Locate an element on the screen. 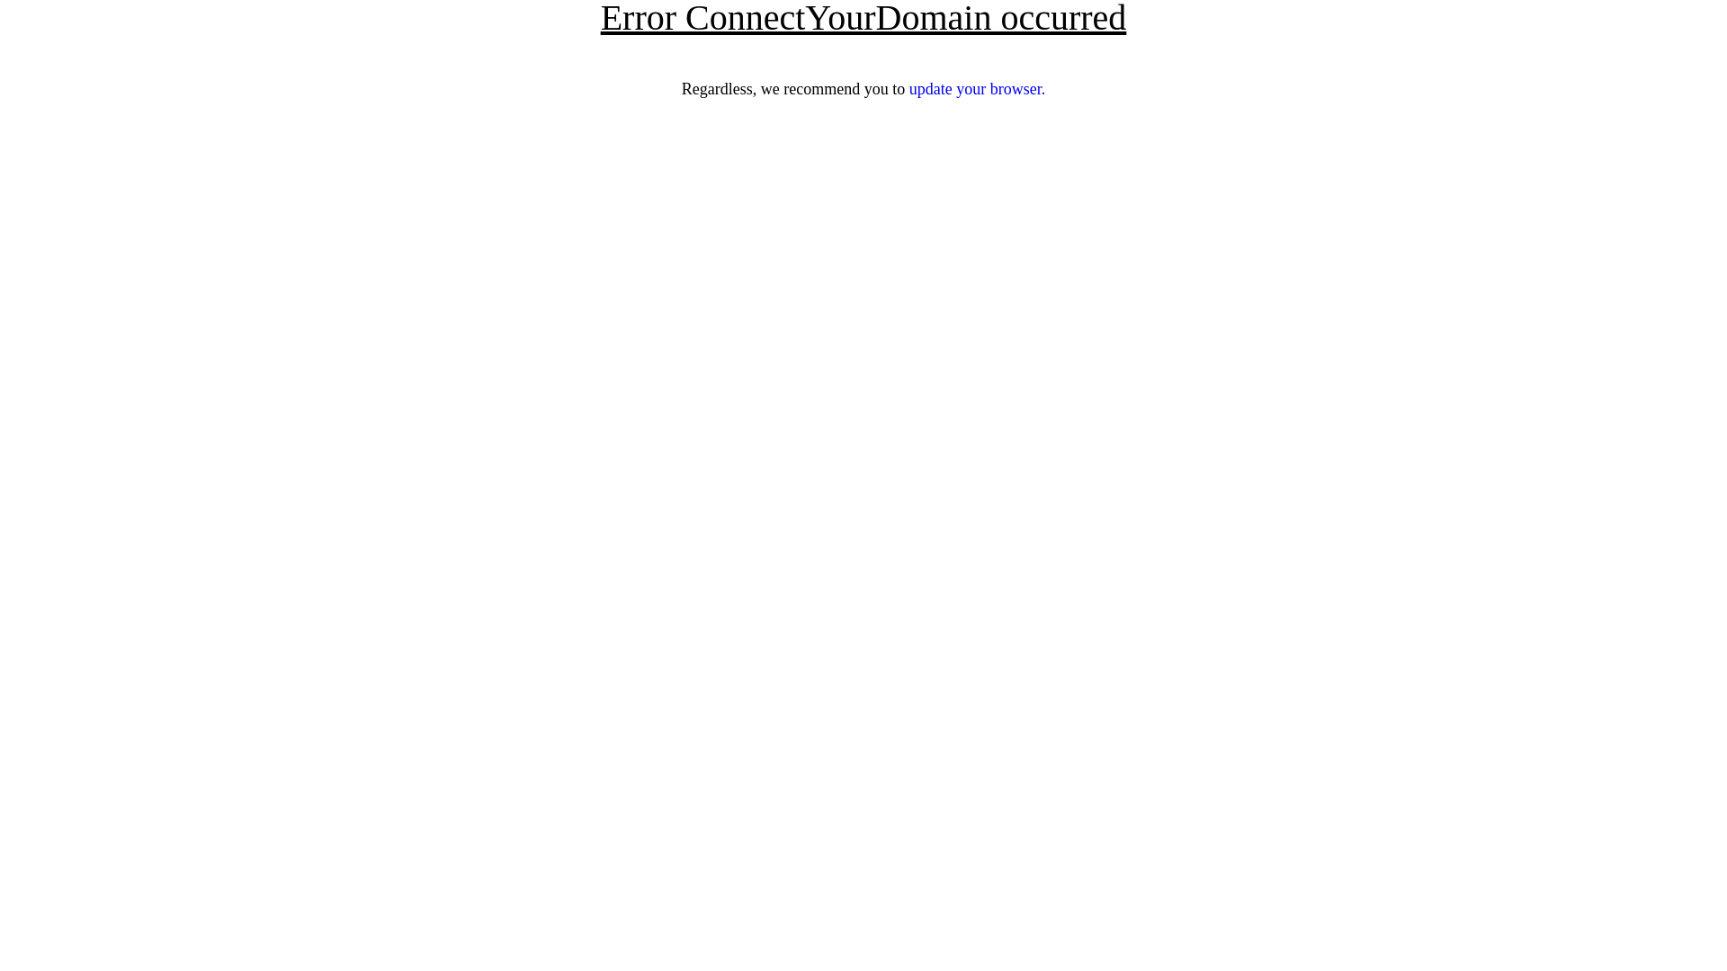  'update your browser.' is located at coordinates (976, 89).